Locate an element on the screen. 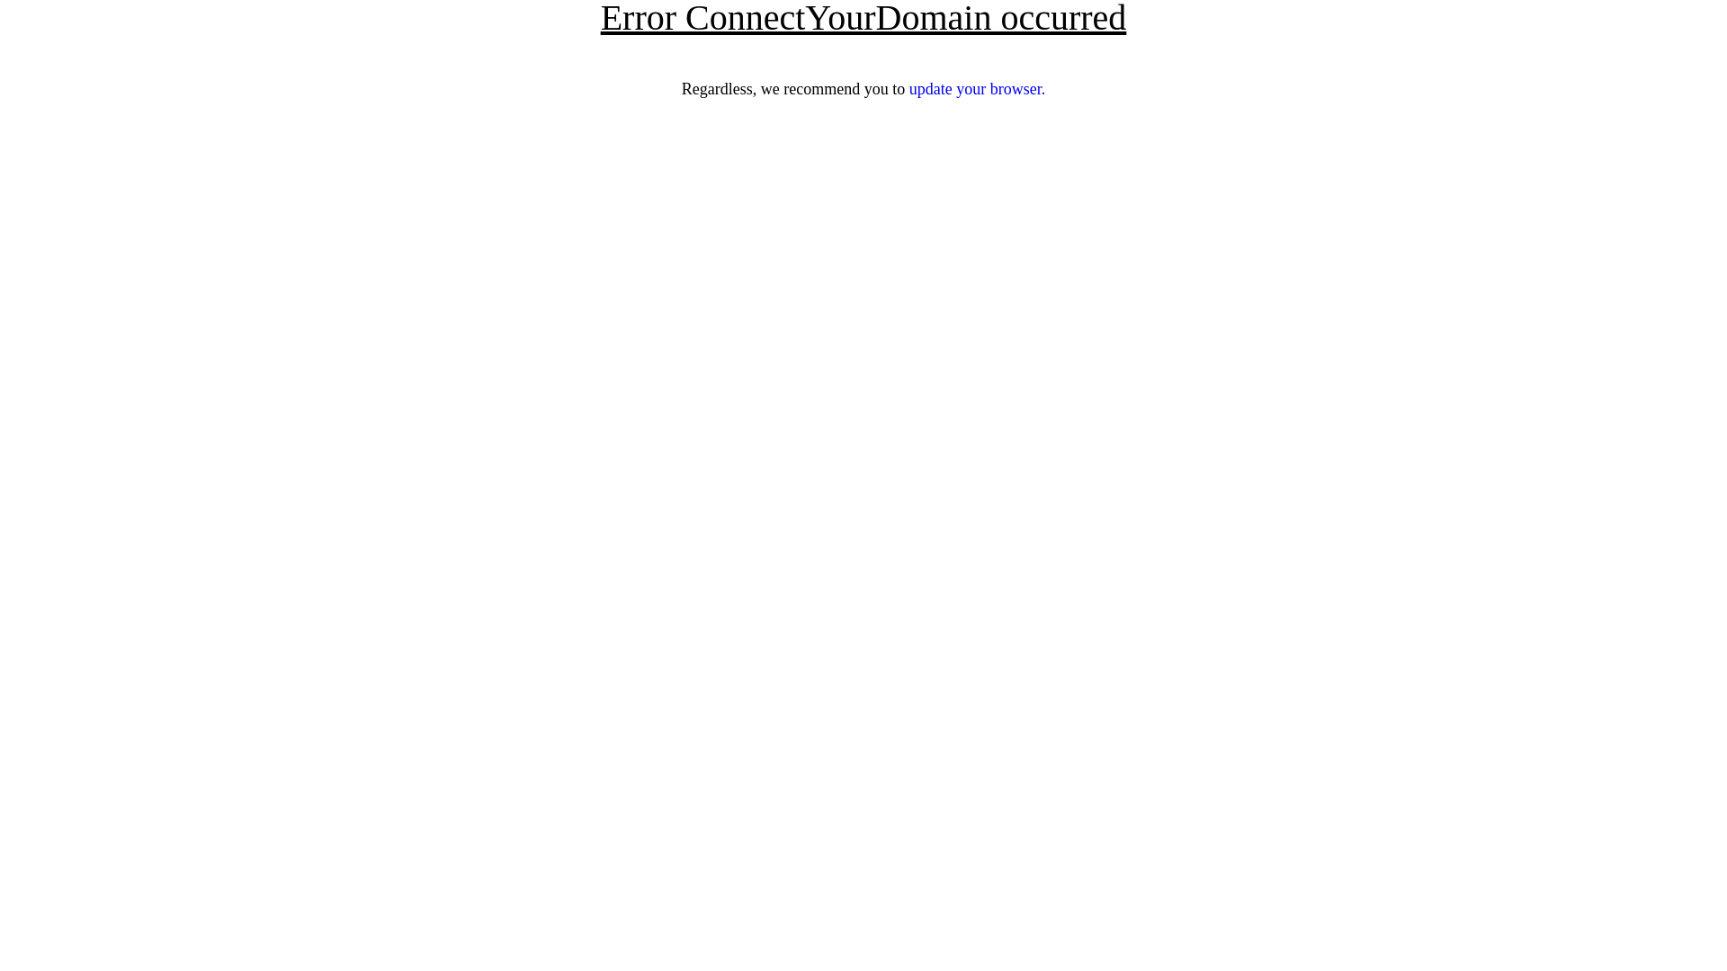  'update your browser.' is located at coordinates (976, 89).